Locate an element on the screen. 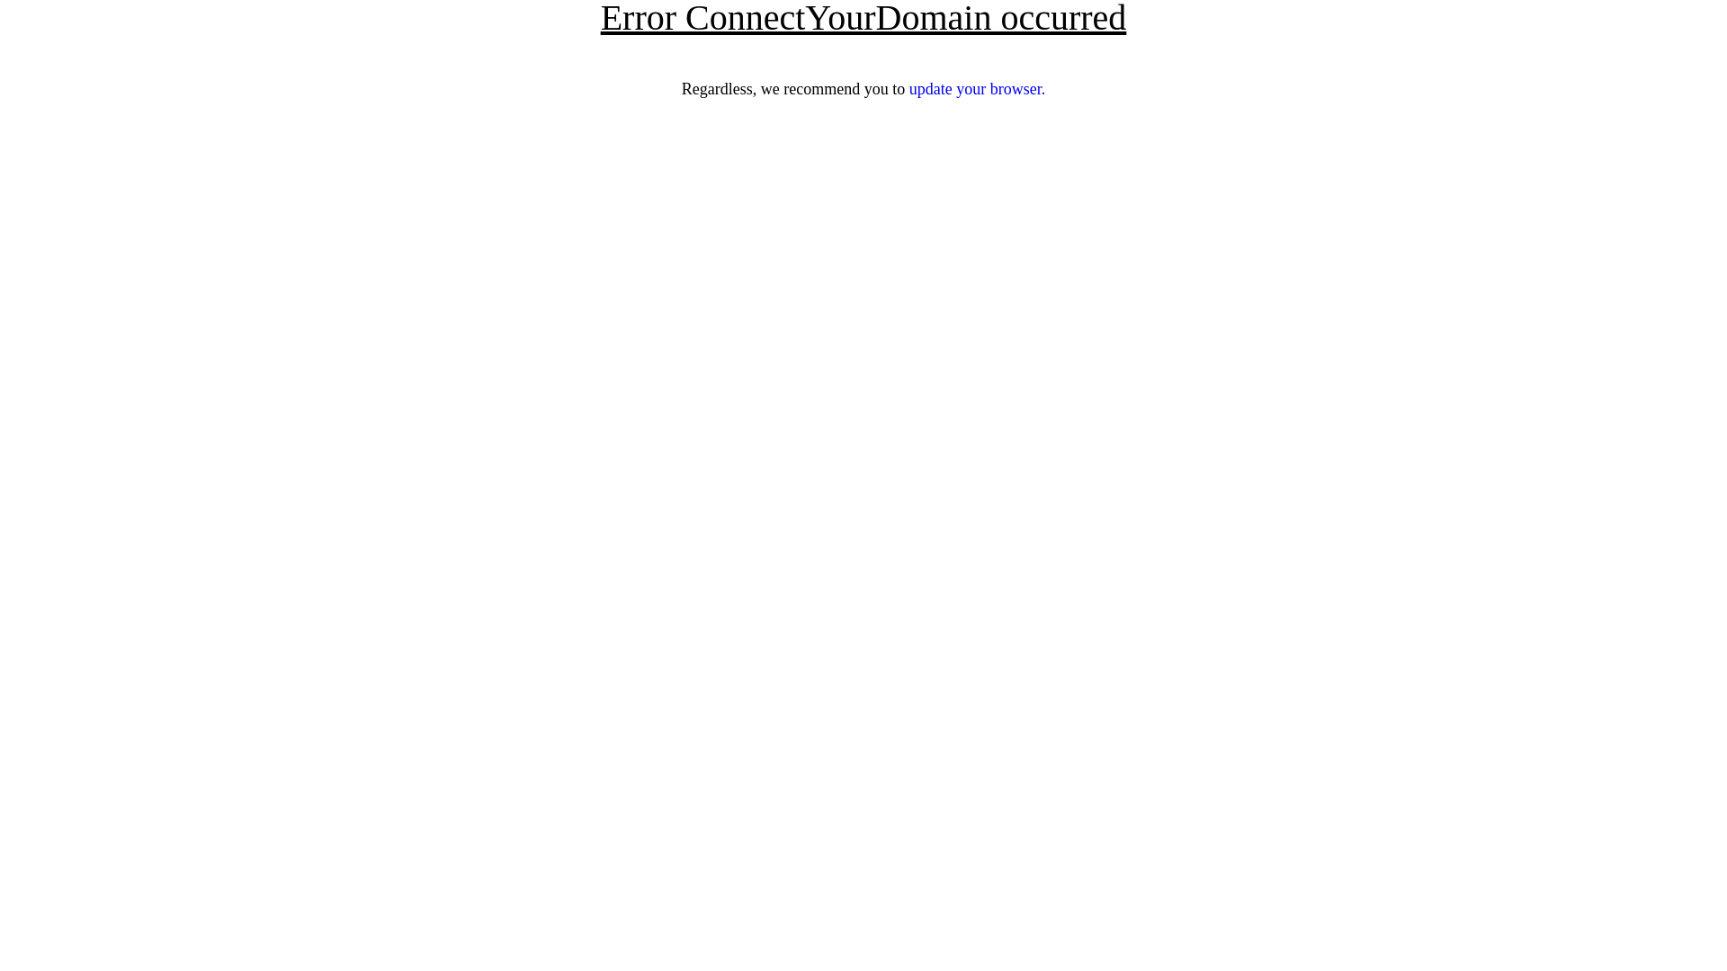  'update your browser.' is located at coordinates (976, 89).